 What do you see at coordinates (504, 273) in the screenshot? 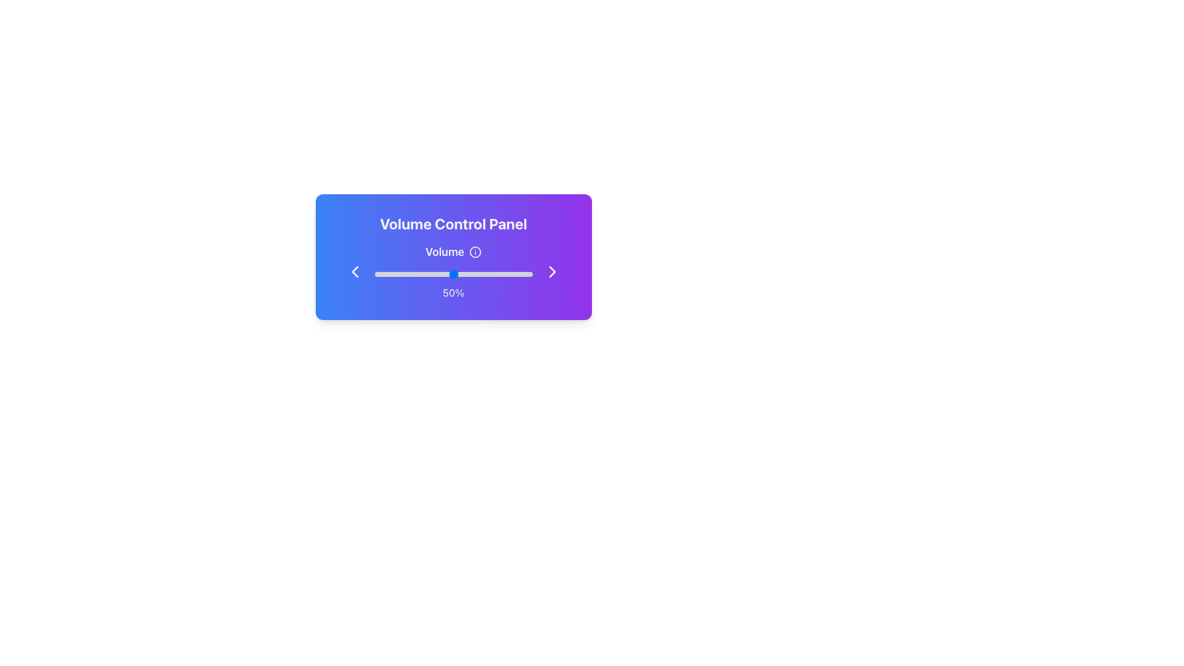
I see `the slider` at bounding box center [504, 273].